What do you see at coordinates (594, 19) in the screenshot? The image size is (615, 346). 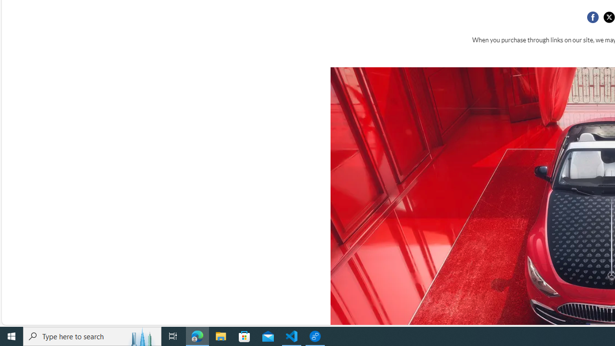 I see `'Class: social__item'` at bounding box center [594, 19].